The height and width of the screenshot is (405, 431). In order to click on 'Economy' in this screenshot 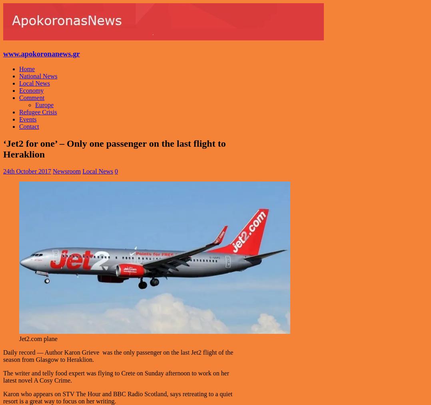, I will do `click(19, 90)`.